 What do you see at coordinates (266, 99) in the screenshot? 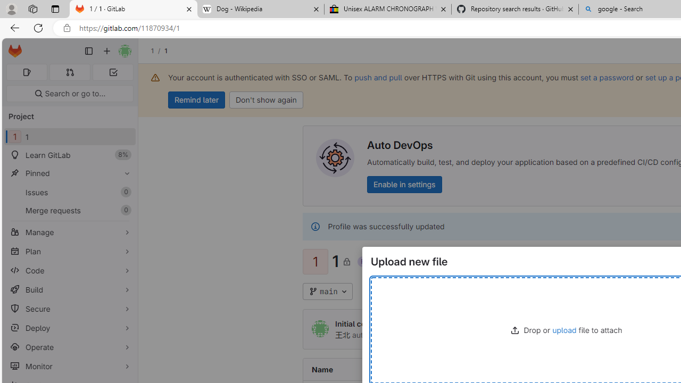
I see `'Don'` at bounding box center [266, 99].